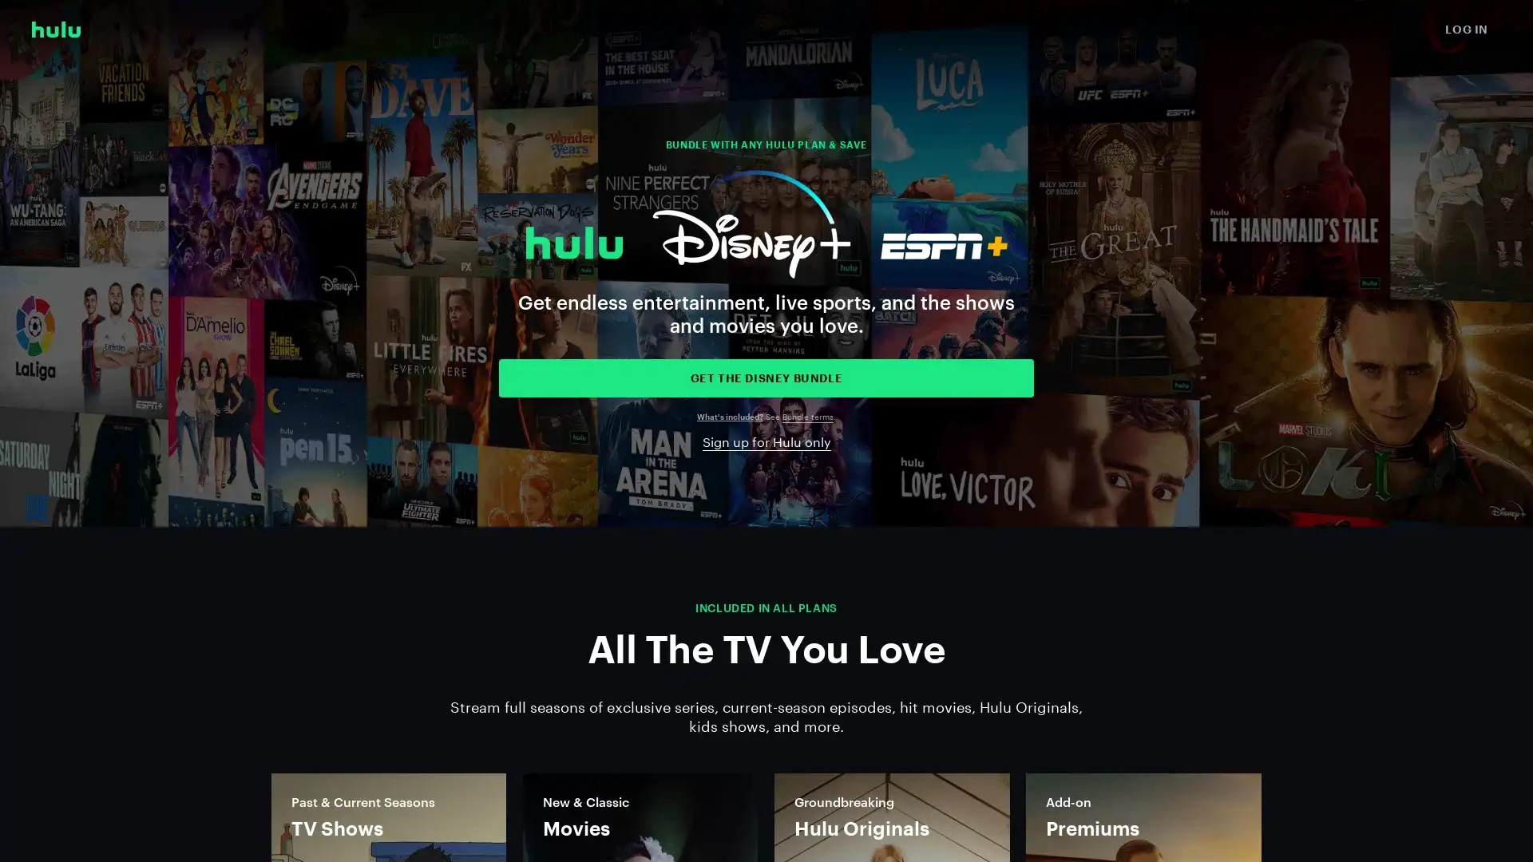 The width and height of the screenshot is (1533, 862). Describe the element at coordinates (729, 415) in the screenshot. I see `What's included?` at that location.